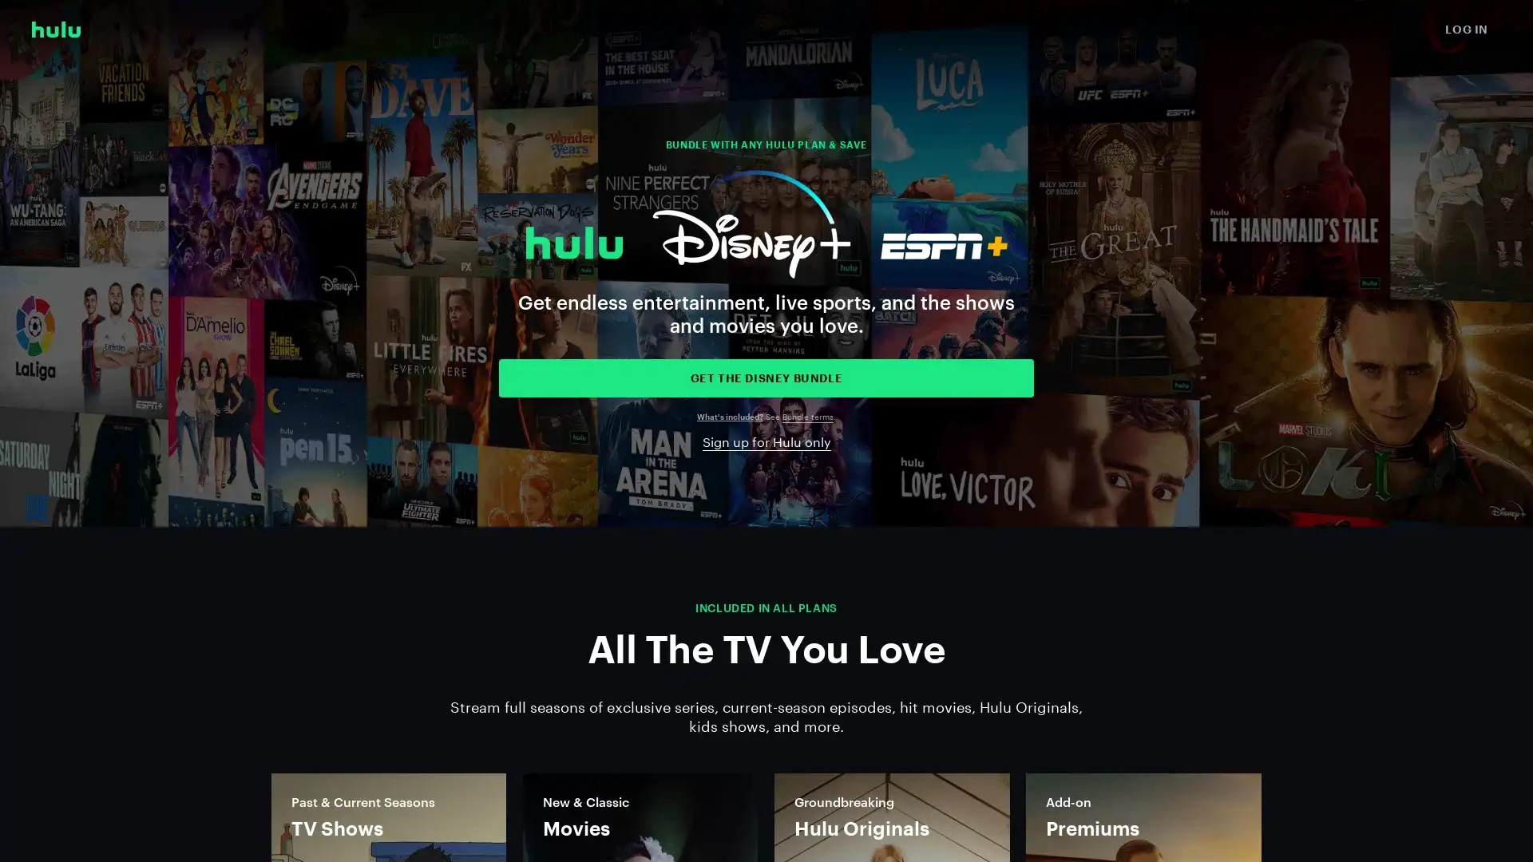 The width and height of the screenshot is (1533, 862). Describe the element at coordinates (729, 415) in the screenshot. I see `What's included?` at that location.